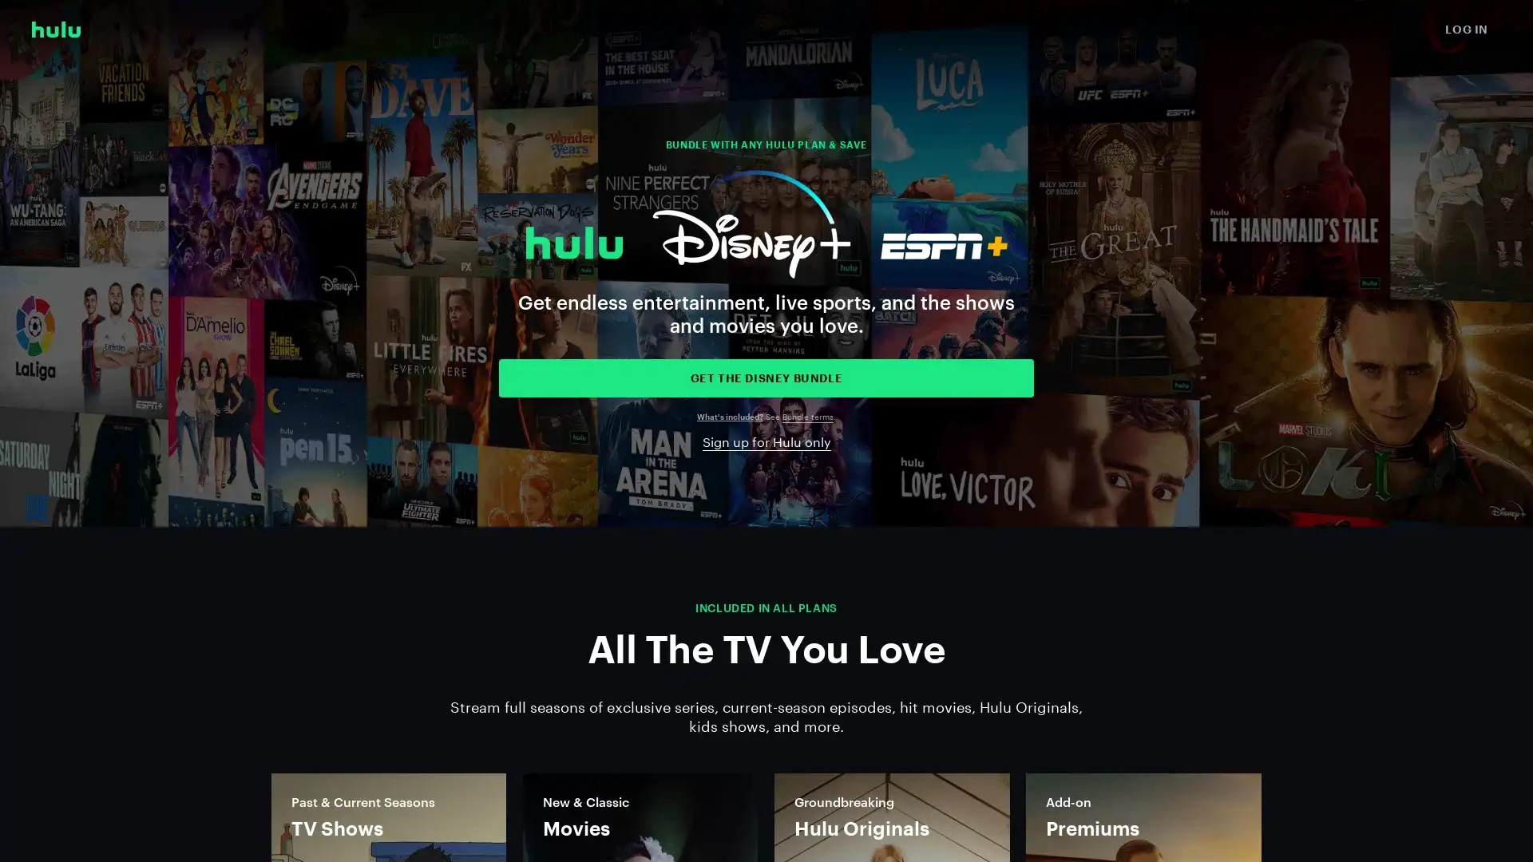 The width and height of the screenshot is (1533, 862). Describe the element at coordinates (729, 415) in the screenshot. I see `What's included?` at that location.